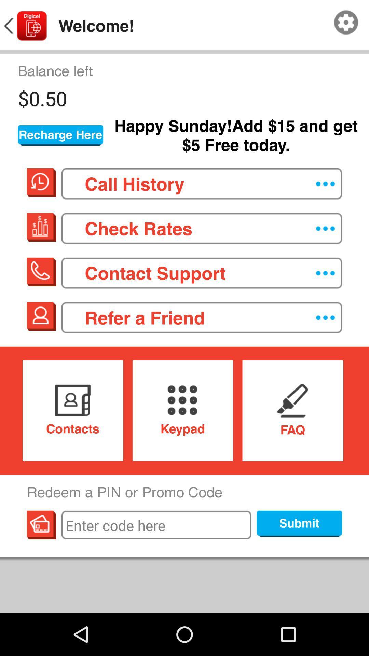  What do you see at coordinates (346, 23) in the screenshot?
I see `app to the right of the welcome! icon` at bounding box center [346, 23].